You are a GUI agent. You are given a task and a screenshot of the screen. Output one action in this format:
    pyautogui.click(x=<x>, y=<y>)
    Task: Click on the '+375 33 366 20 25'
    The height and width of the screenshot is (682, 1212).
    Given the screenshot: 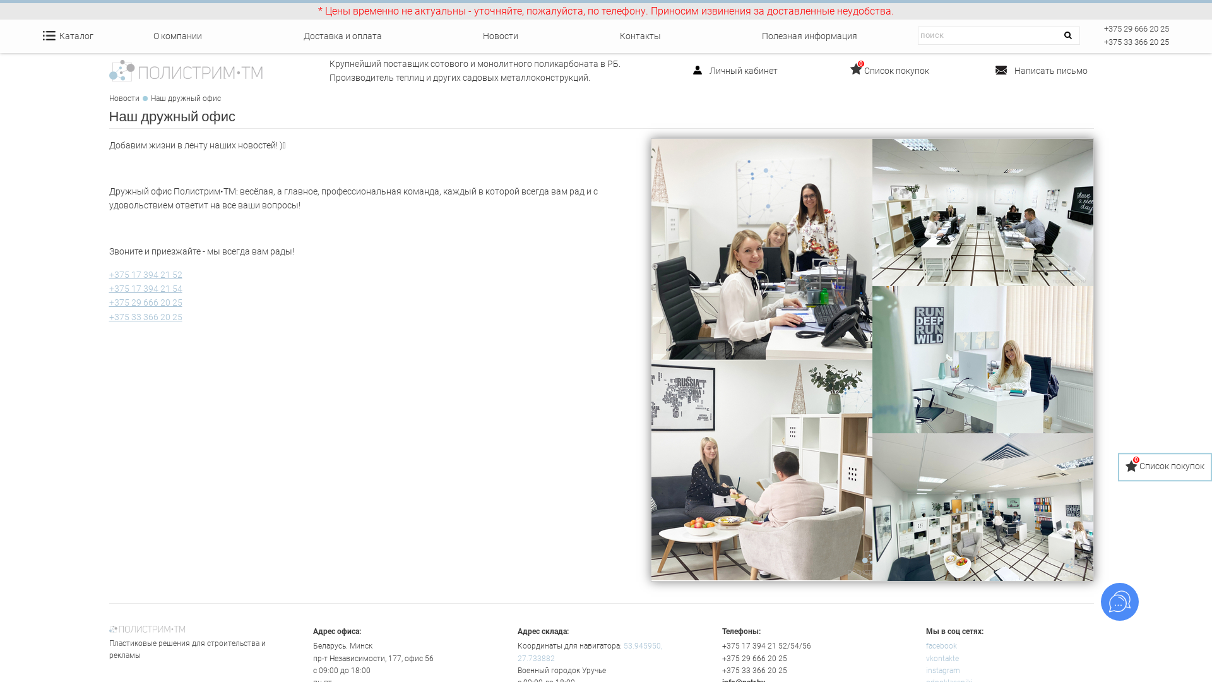 What is the action you would take?
    pyautogui.click(x=1136, y=41)
    